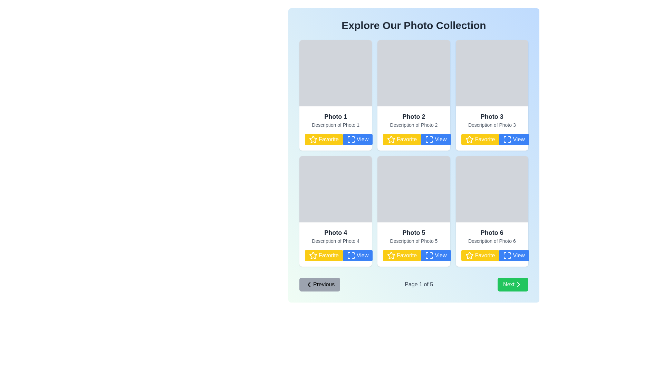 The height and width of the screenshot is (373, 663). Describe the element at coordinates (336, 241) in the screenshot. I see `description displayed in the text label showing 'Description of Photo 4', which is located in the second row, first column of the photo grid beneath the header 'Photo 4'` at that location.